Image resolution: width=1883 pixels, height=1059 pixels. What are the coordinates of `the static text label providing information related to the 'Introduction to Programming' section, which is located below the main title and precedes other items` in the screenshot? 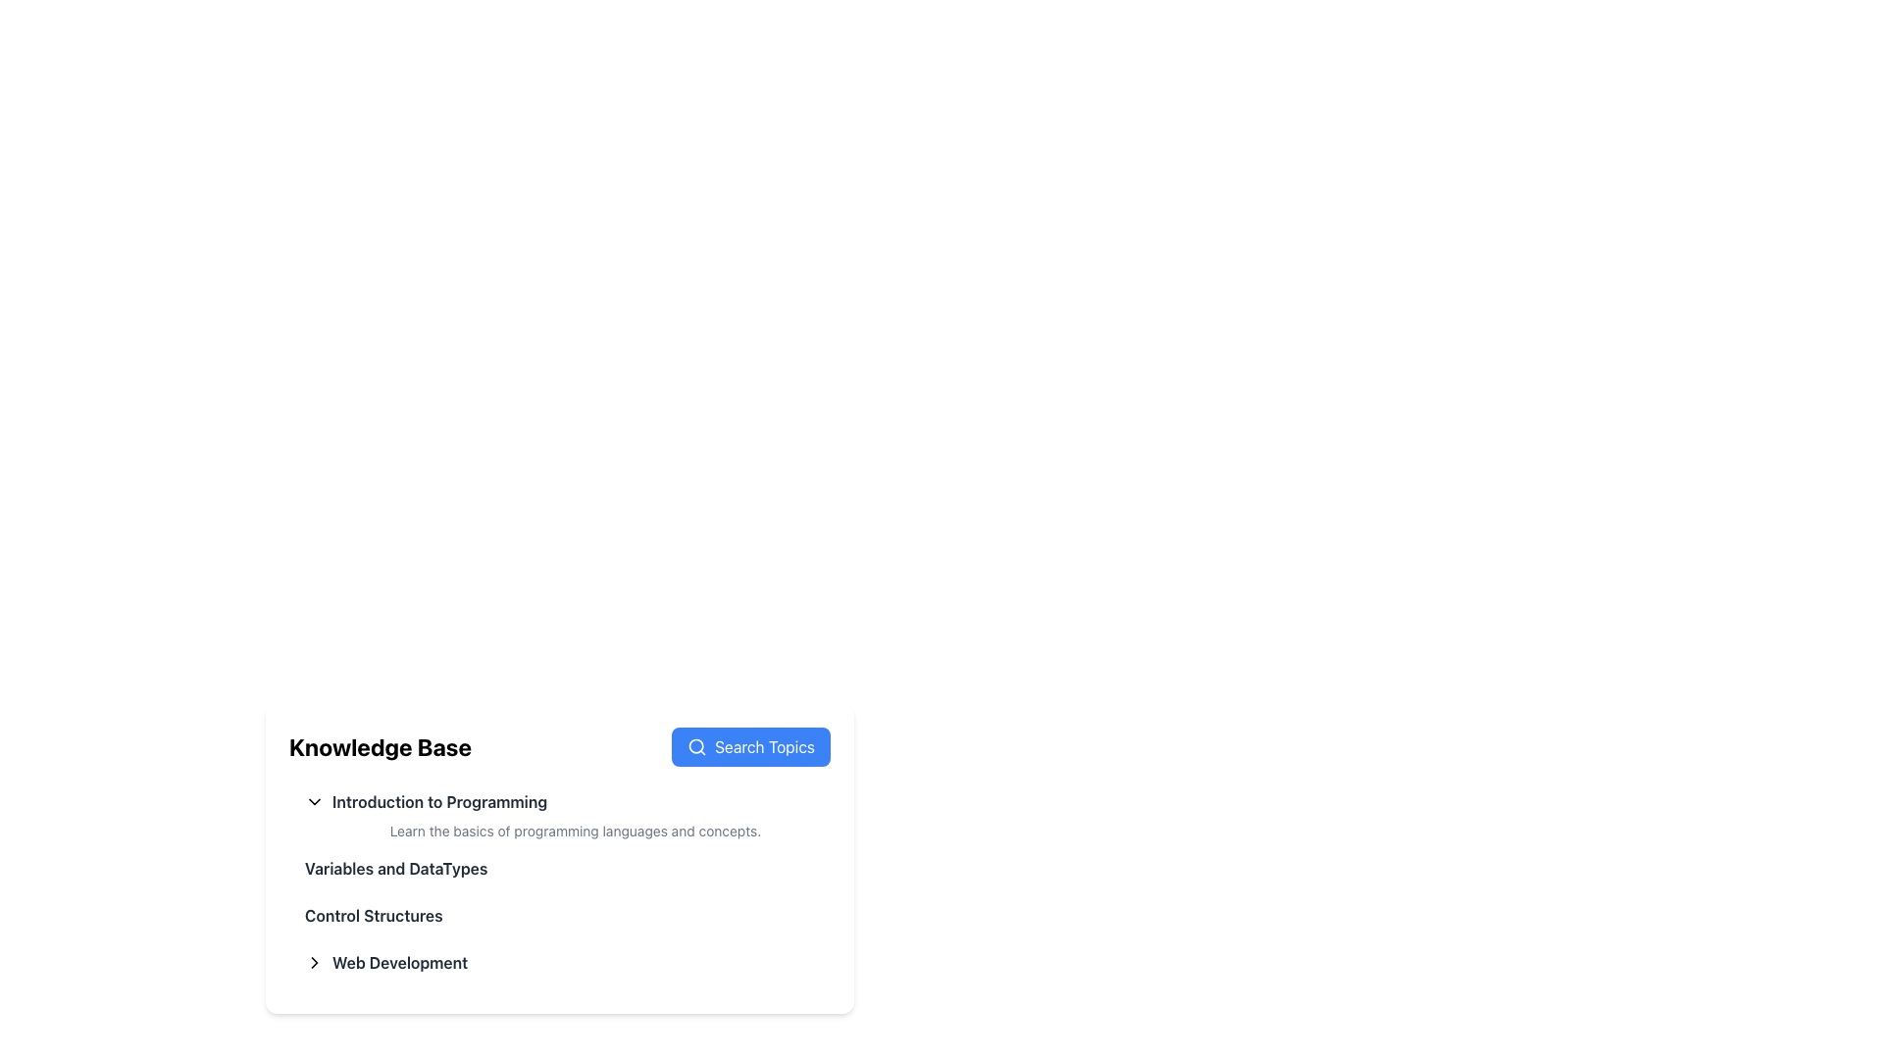 It's located at (559, 832).